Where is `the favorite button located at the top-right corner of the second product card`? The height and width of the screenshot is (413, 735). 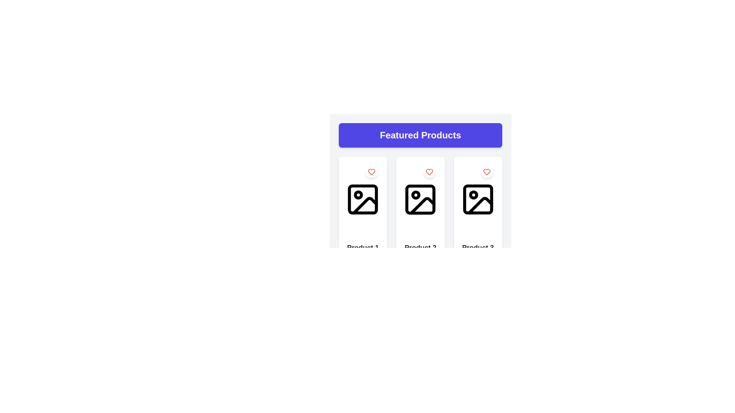
the favorite button located at the top-right corner of the second product card is located at coordinates (429, 172).